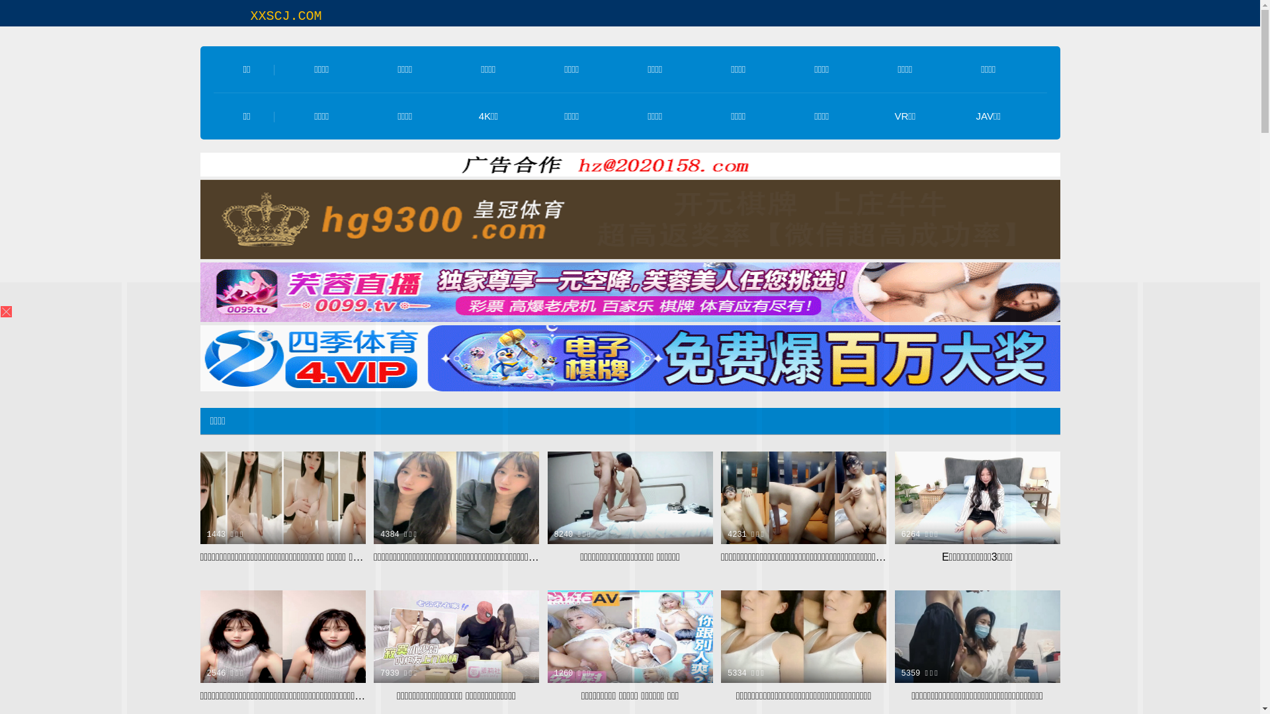 Image resolution: width=1270 pixels, height=714 pixels. What do you see at coordinates (250, 16) in the screenshot?
I see `'XXSCJ.COM'` at bounding box center [250, 16].